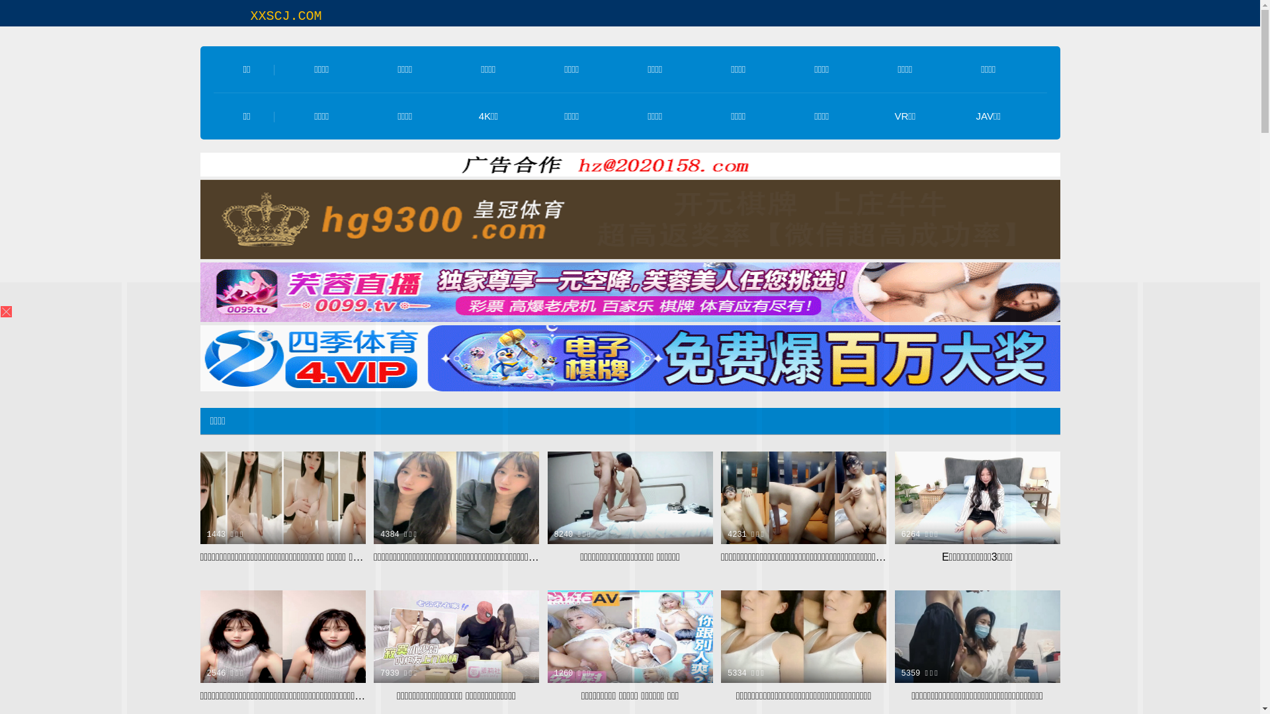 Image resolution: width=1270 pixels, height=714 pixels. What do you see at coordinates (250, 16) in the screenshot?
I see `'XXSCJ.COM'` at bounding box center [250, 16].